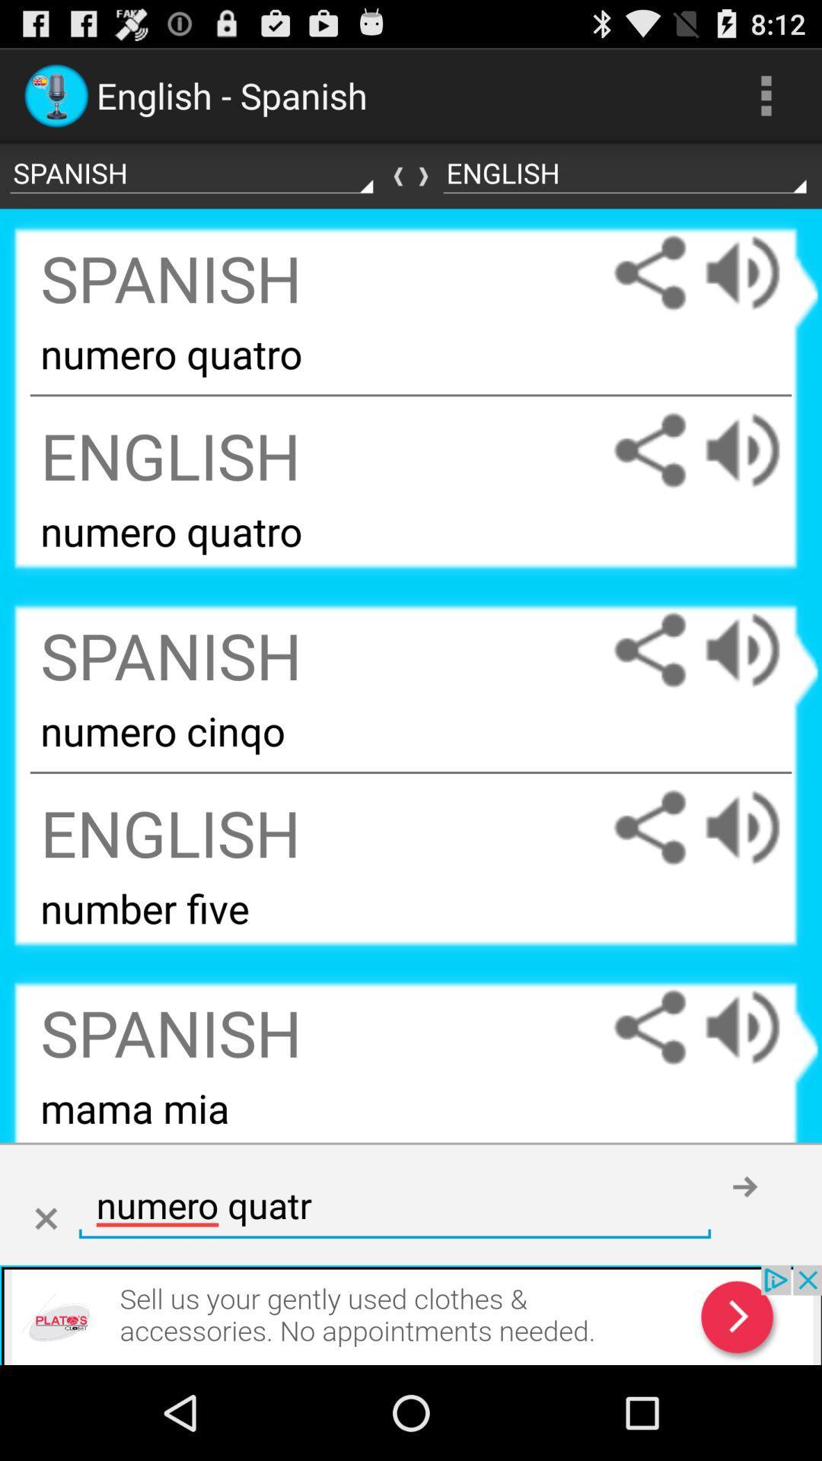  What do you see at coordinates (757, 1027) in the screenshot?
I see `increase volume` at bounding box center [757, 1027].